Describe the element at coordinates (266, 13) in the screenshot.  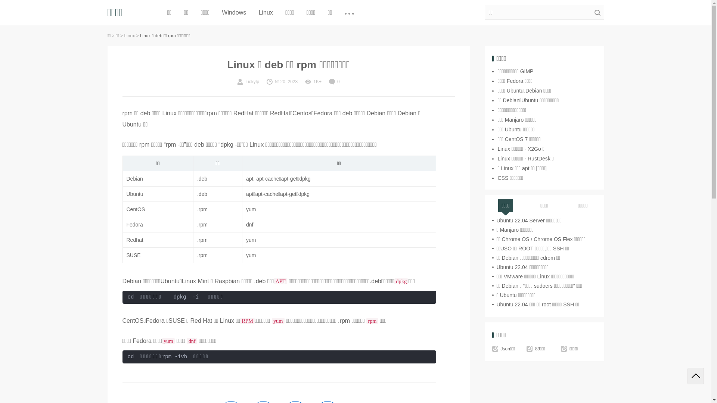
I see `'Linux'` at that location.